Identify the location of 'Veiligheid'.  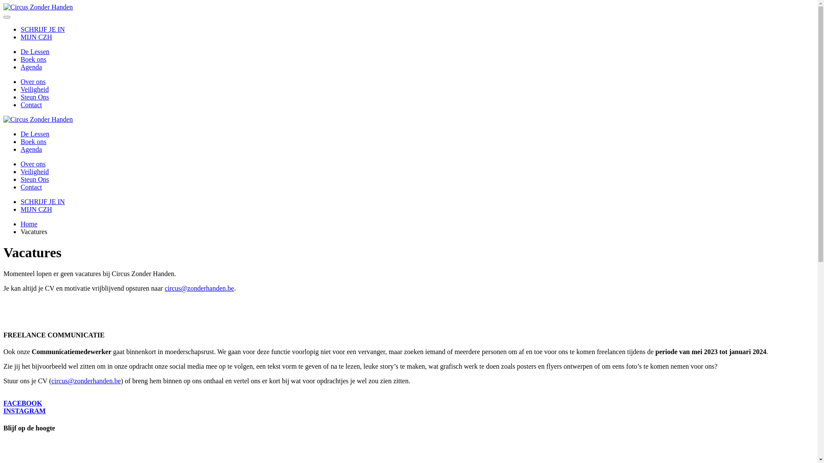
(21, 89).